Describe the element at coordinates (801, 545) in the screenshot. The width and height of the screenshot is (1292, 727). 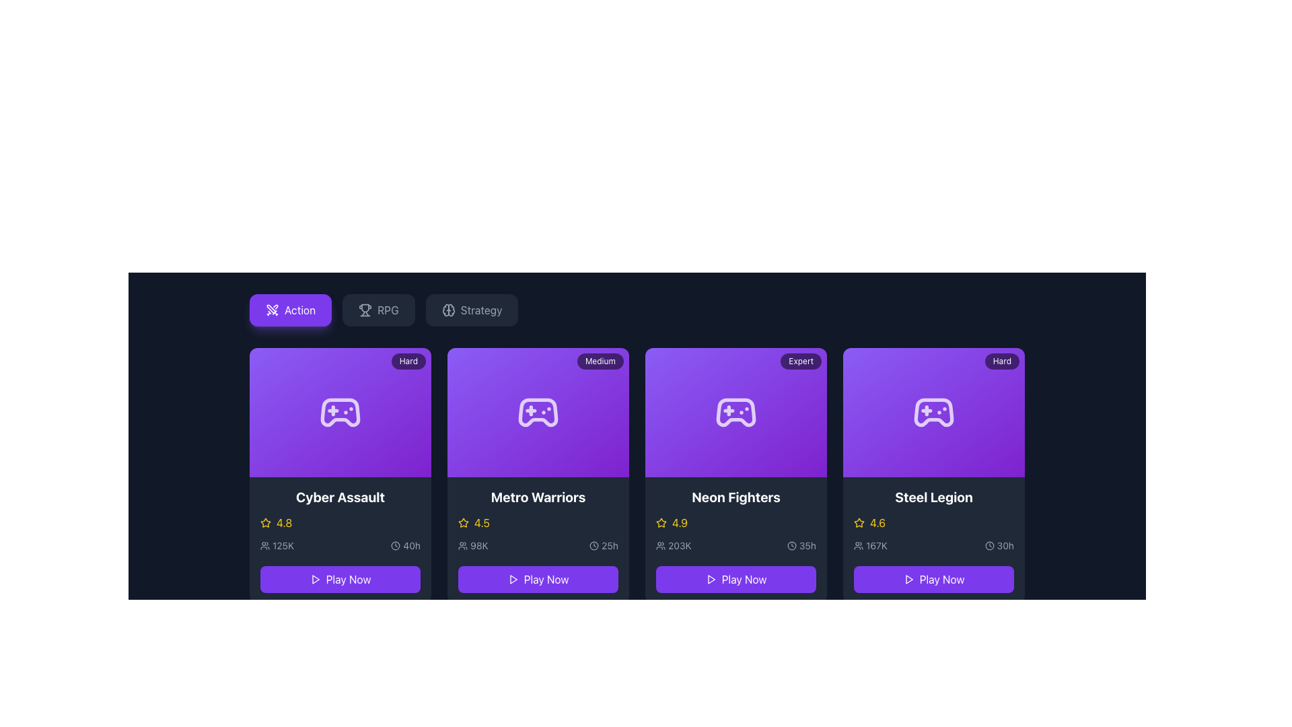
I see `estimated time duration information, '35 hours', displayed in the Label with an icon located in the lower right section of the 'Neon Fighters' card` at that location.